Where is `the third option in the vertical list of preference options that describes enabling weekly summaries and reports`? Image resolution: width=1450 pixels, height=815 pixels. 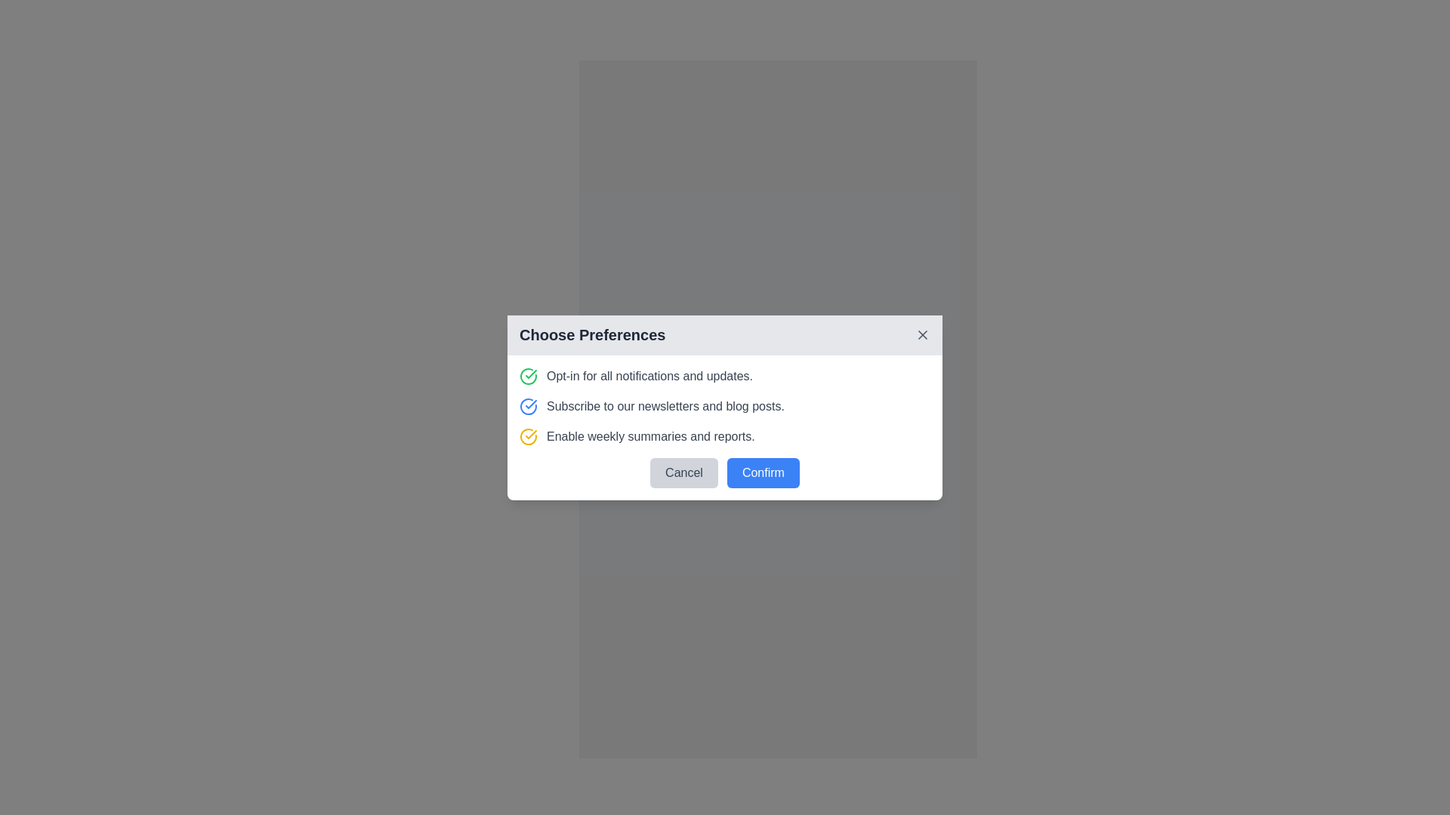
the third option in the vertical list of preference options that describes enabling weekly summaries and reports is located at coordinates (650, 436).